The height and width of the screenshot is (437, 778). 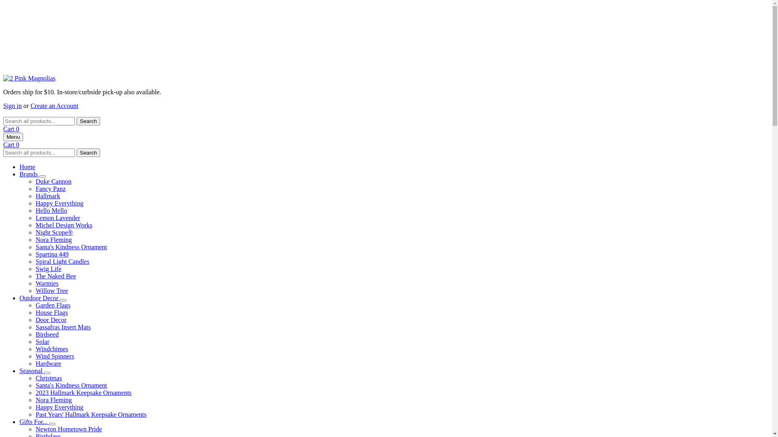 I want to click on 'Spartina 449', so click(x=51, y=254).